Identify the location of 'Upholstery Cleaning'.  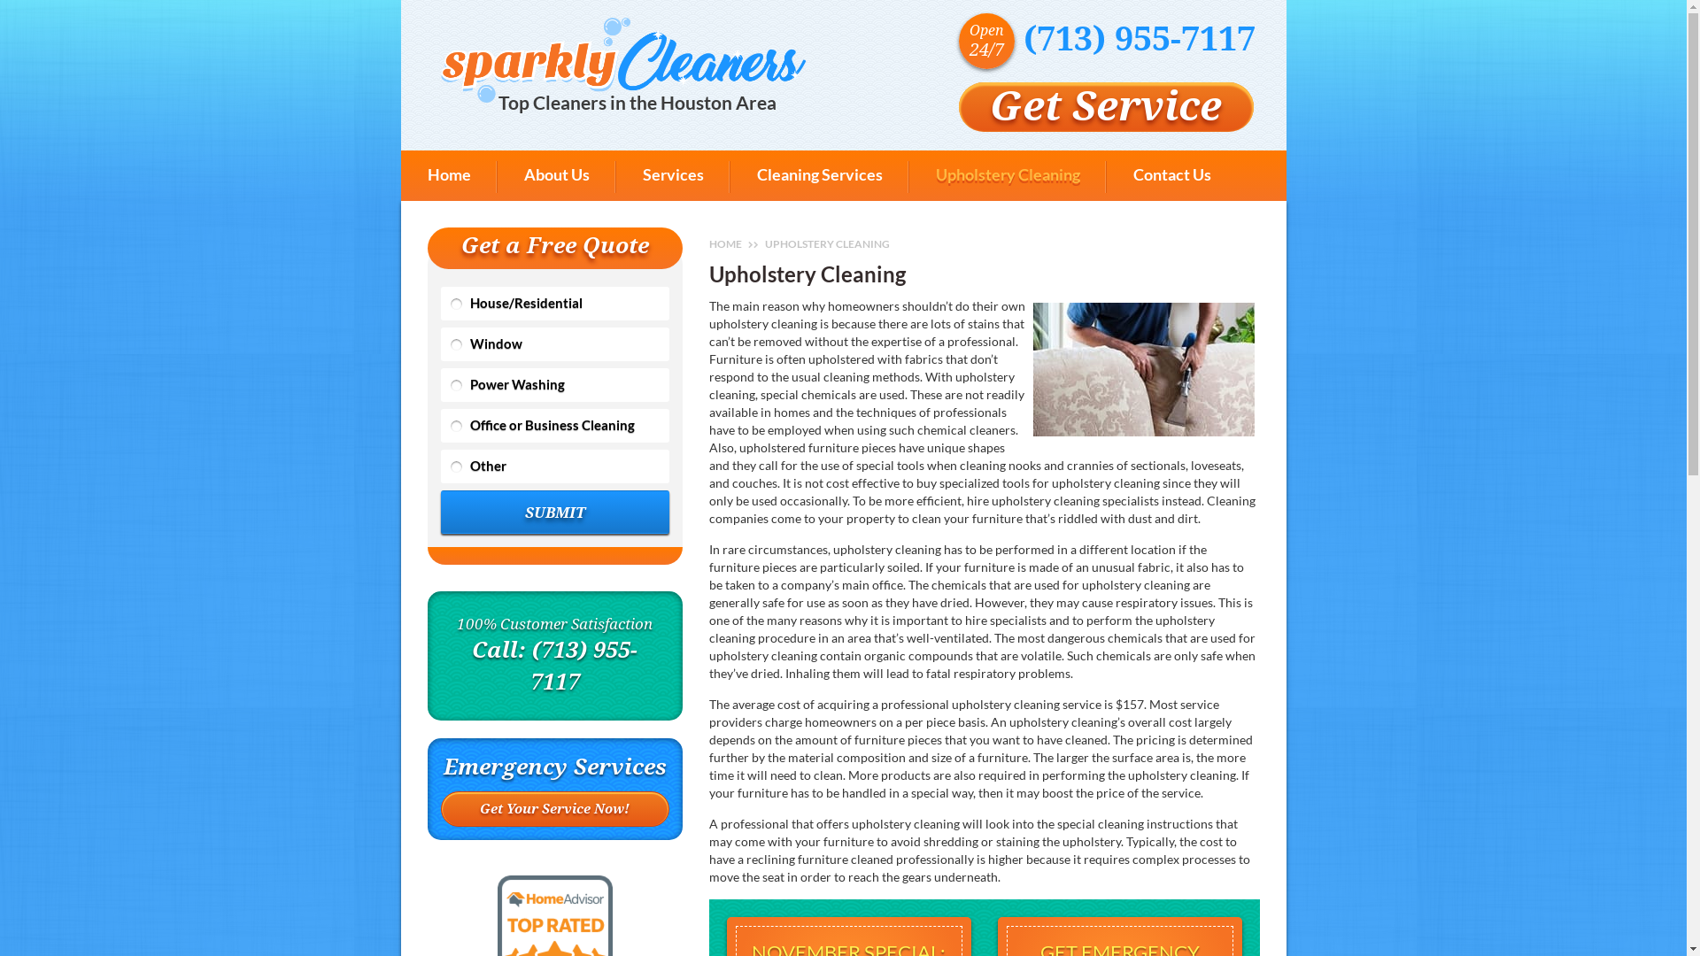
(908, 174).